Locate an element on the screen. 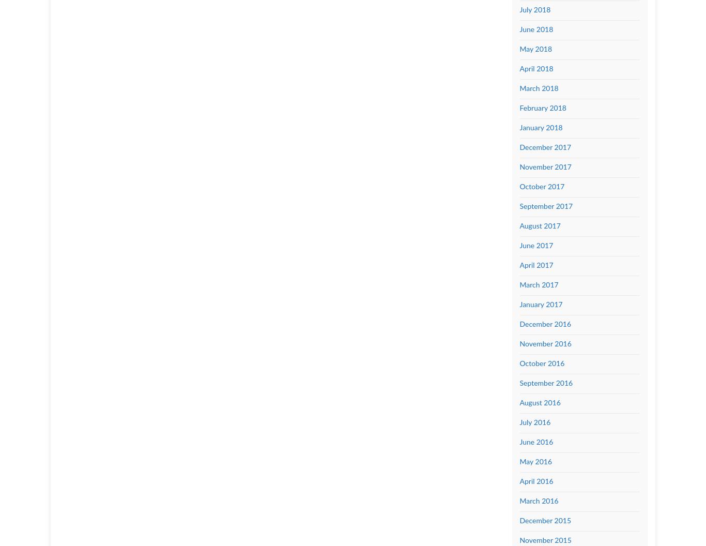 The height and width of the screenshot is (546, 706). 'June 2018' is located at coordinates (535, 29).